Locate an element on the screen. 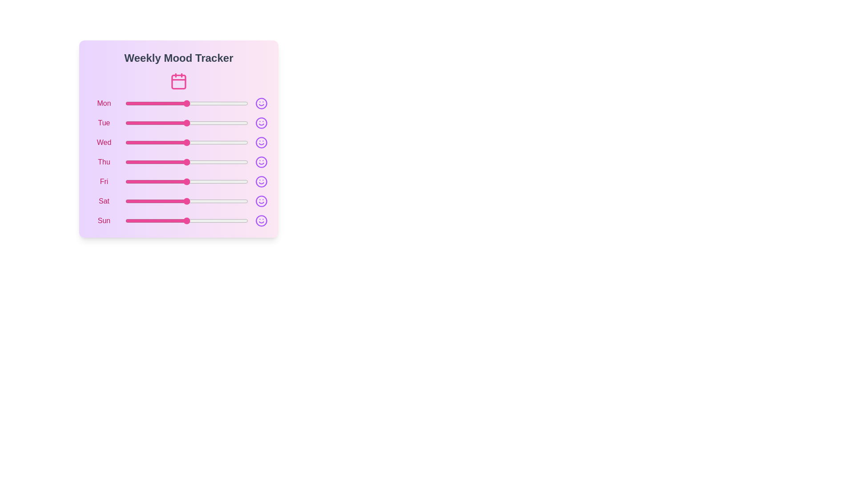 This screenshot has height=480, width=854. the smiley icon corresponding to the day Mon is located at coordinates (261, 103).